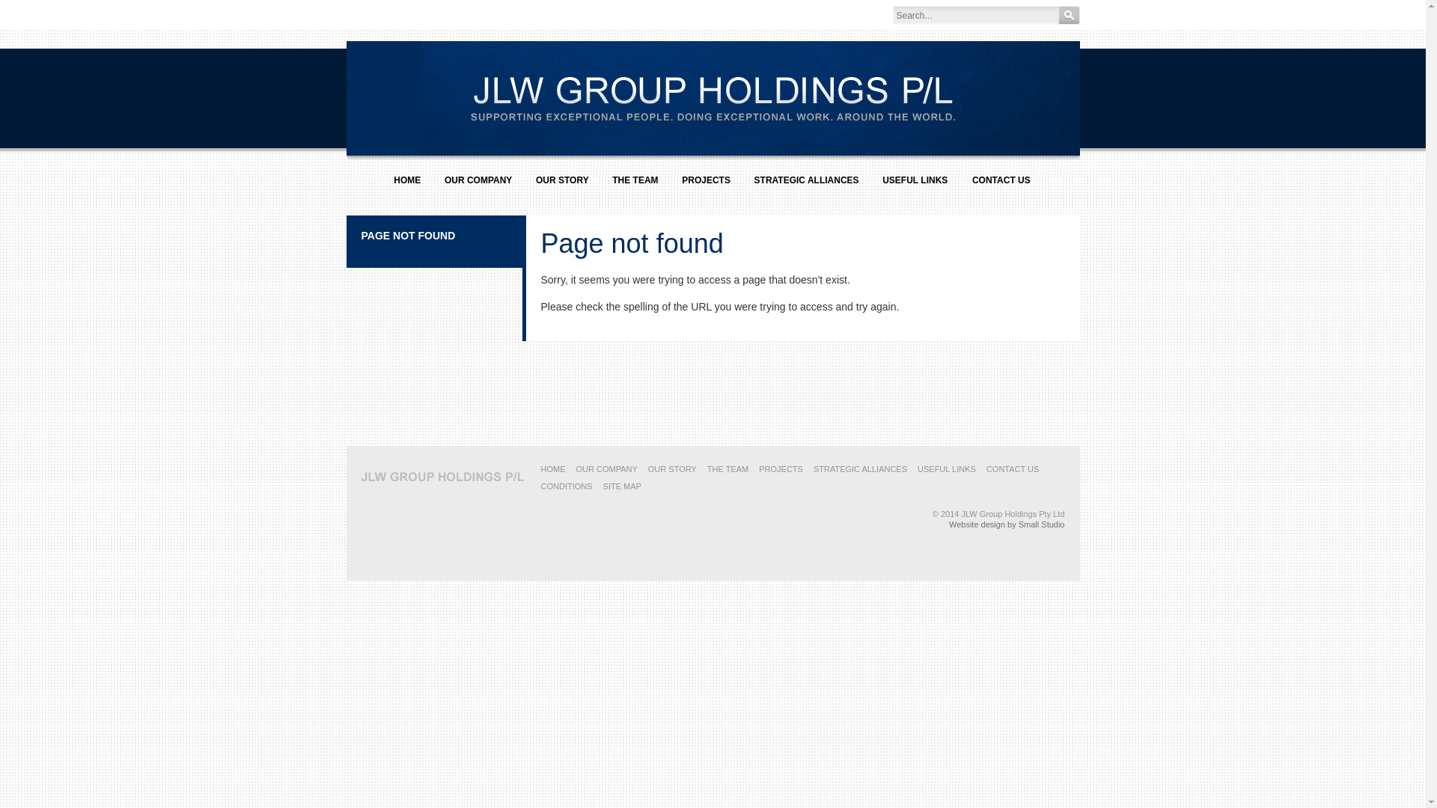  Describe the element at coordinates (916, 468) in the screenshot. I see `'USEFUL LINKS'` at that location.